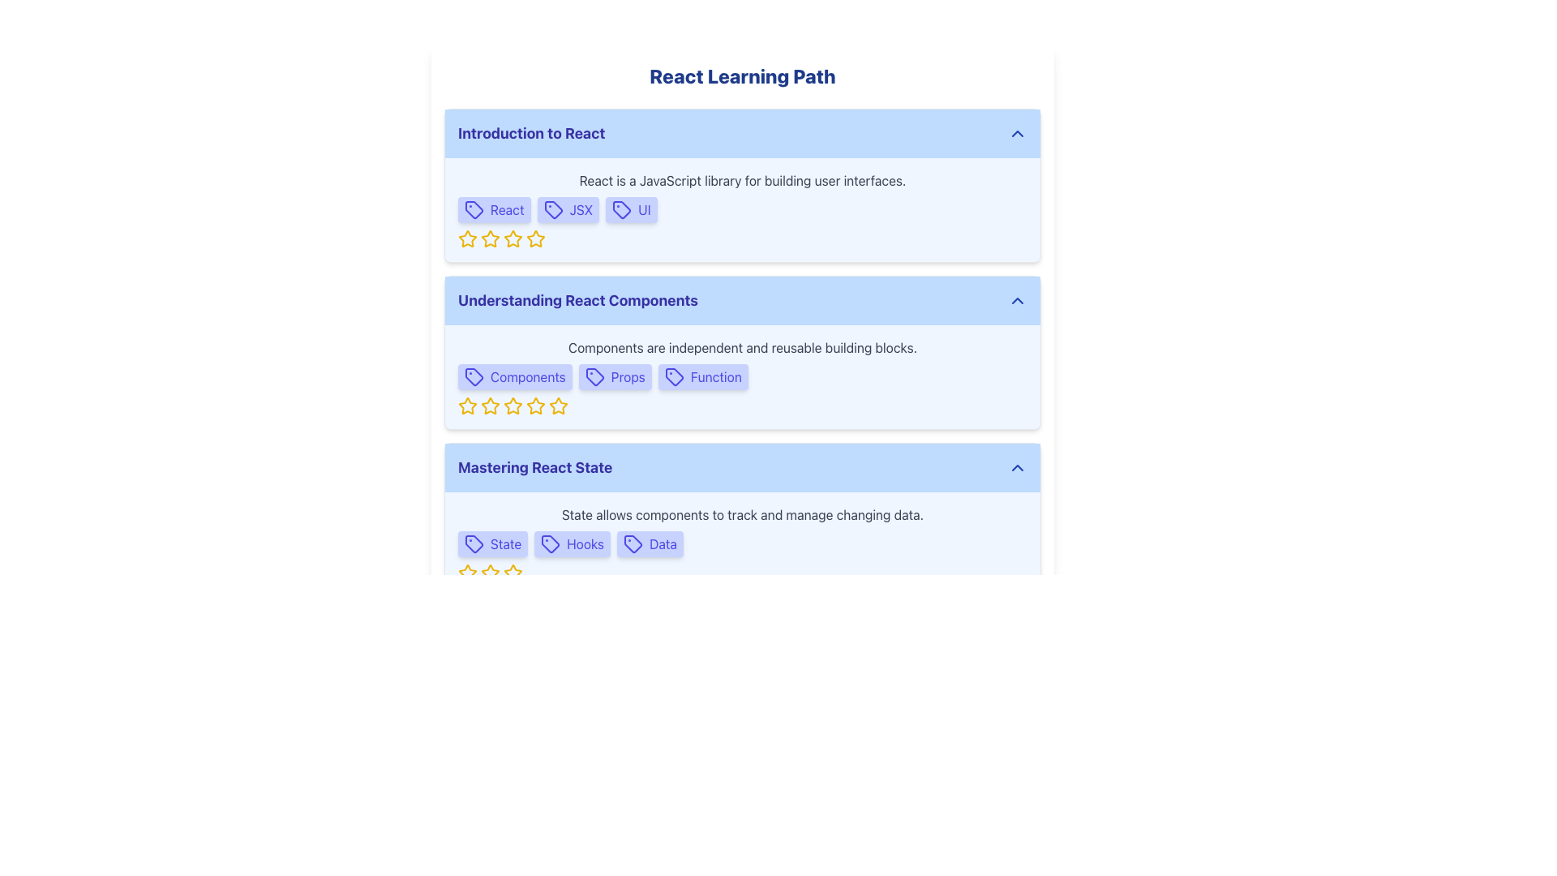 The height and width of the screenshot is (876, 1557). What do you see at coordinates (568, 208) in the screenshot?
I see `the 'JSX' tag element, which is a rounded rectangle with an indigo background and text, located under the 'Introduction to React' section, positioned between 'React' and 'UI'` at bounding box center [568, 208].